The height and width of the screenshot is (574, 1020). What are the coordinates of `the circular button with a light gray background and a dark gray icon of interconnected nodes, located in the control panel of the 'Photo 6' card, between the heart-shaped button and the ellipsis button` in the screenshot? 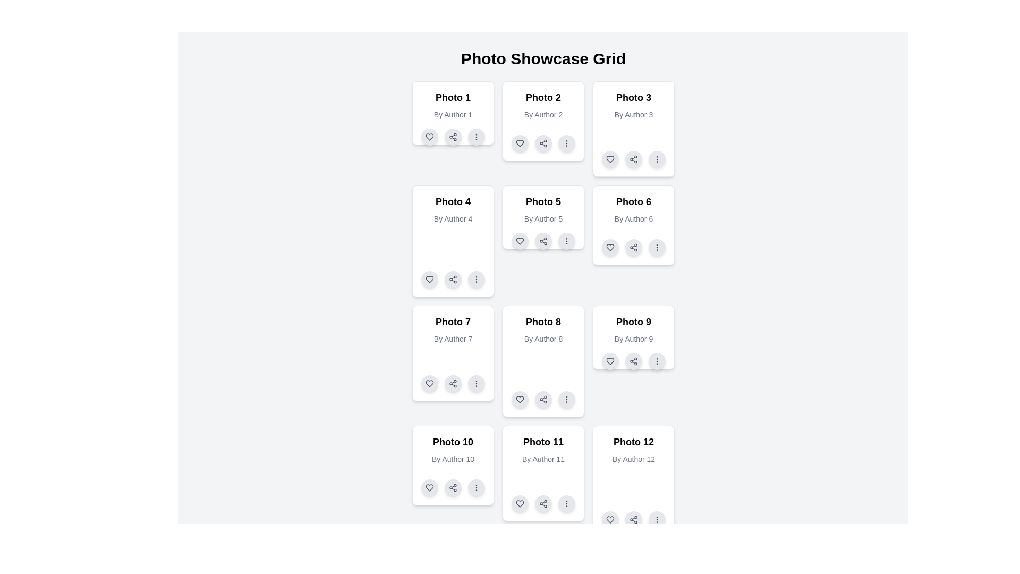 It's located at (634, 248).